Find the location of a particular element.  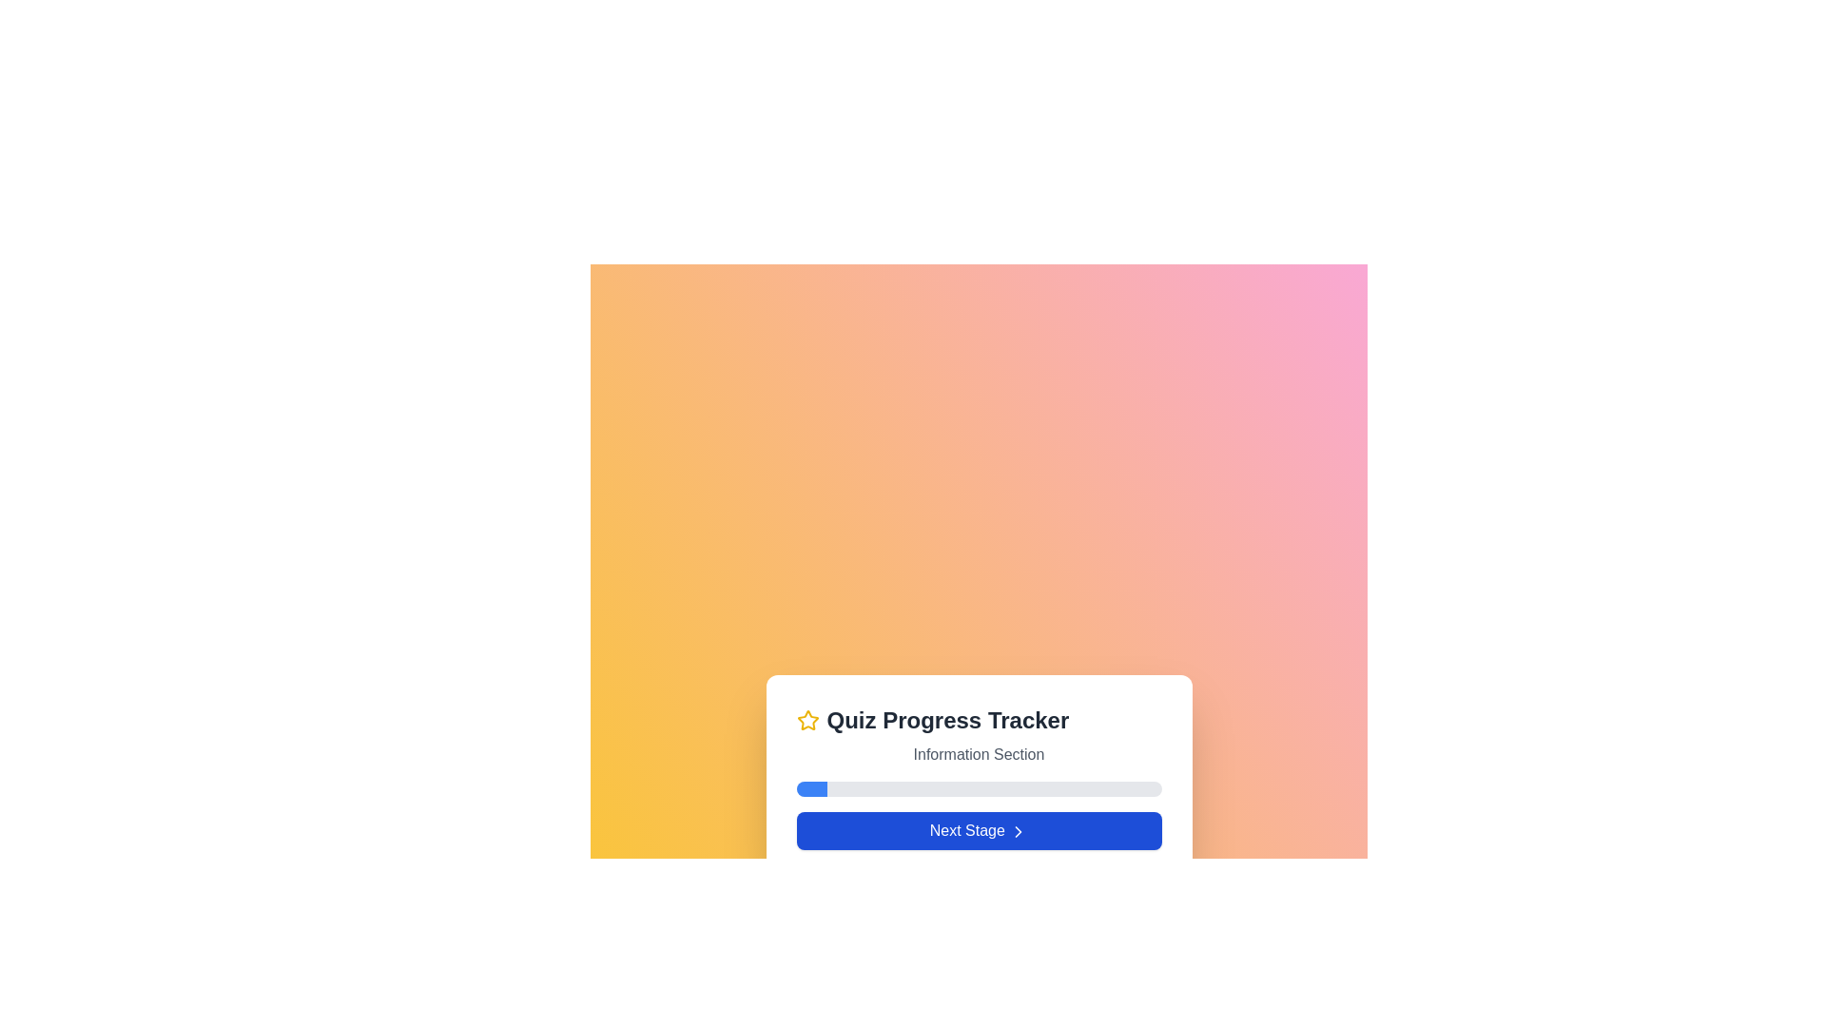

the rectangular button with a blue background and white text that reads 'Next Stage' is located at coordinates (979, 830).